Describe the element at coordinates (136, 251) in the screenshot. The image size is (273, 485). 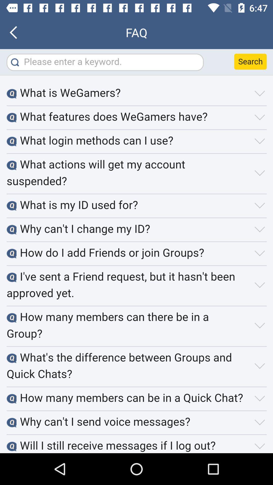
I see `description` at that location.